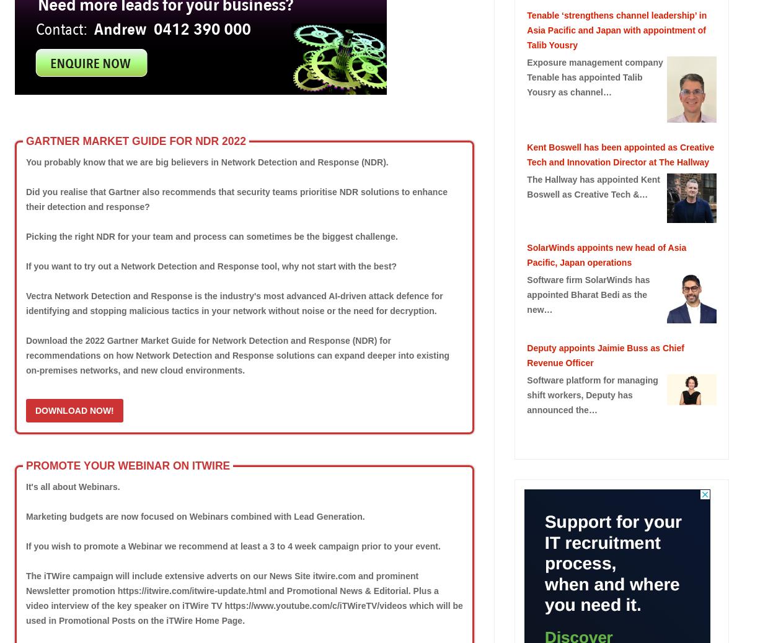 Image resolution: width=773 pixels, height=643 pixels. I want to click on 'Marketing budgets are now focused on Webinars combined with Lead Generation.', so click(195, 517).